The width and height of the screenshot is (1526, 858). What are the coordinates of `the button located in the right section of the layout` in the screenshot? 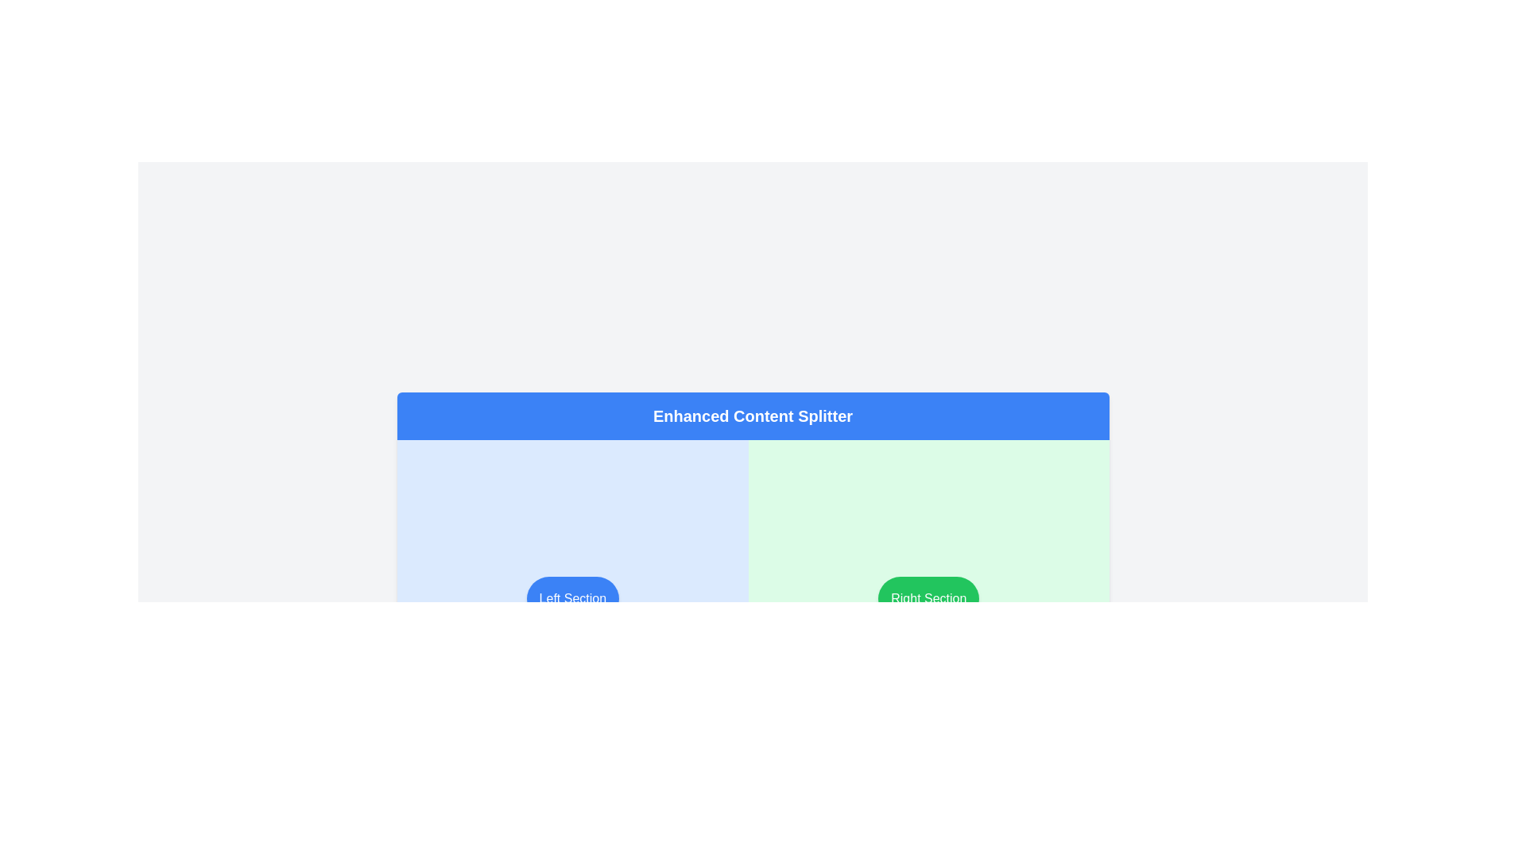 It's located at (928, 598).